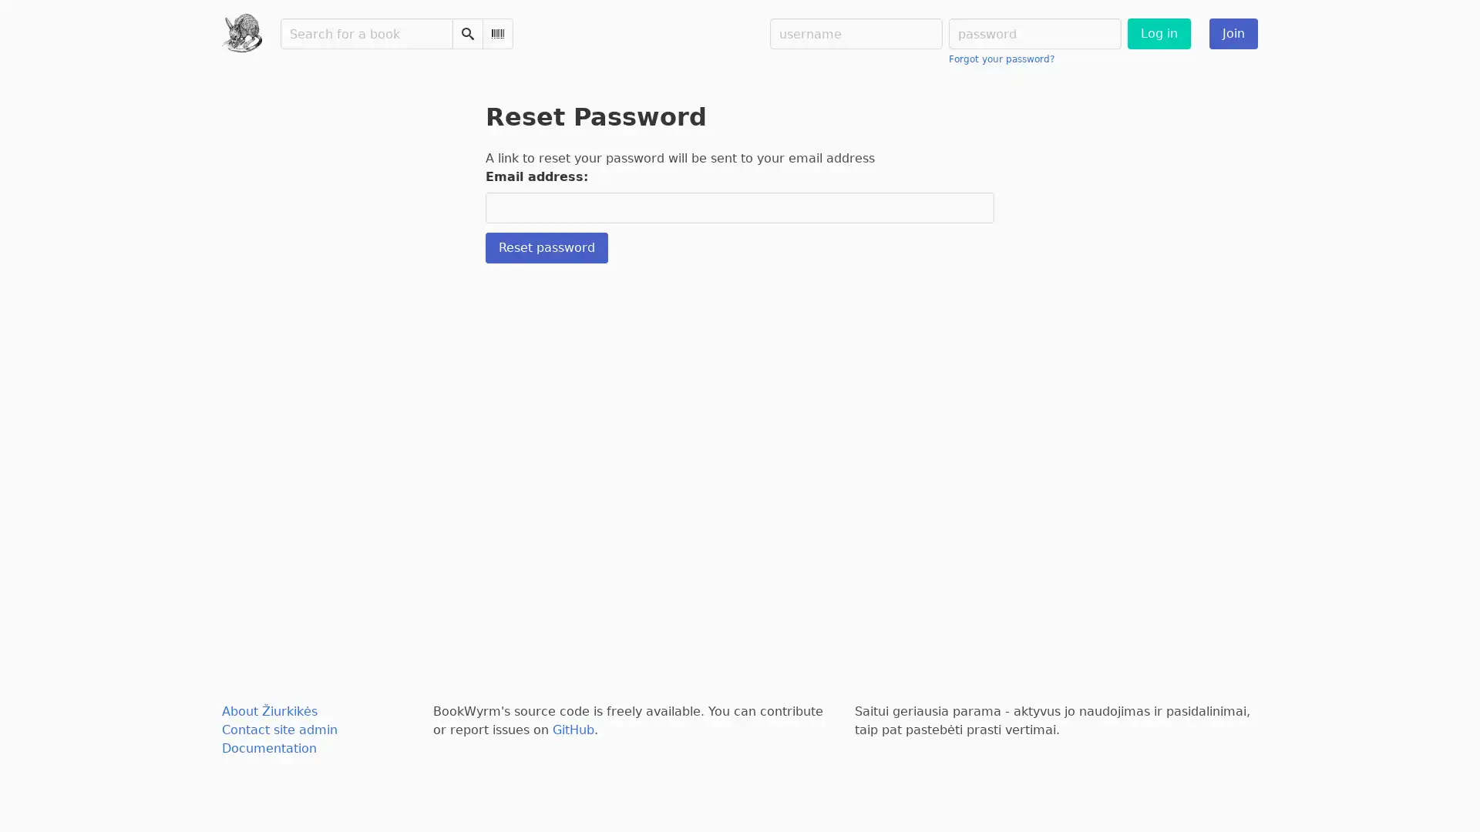 This screenshot has width=1480, height=832. What do you see at coordinates (547, 247) in the screenshot?
I see `Reset password` at bounding box center [547, 247].